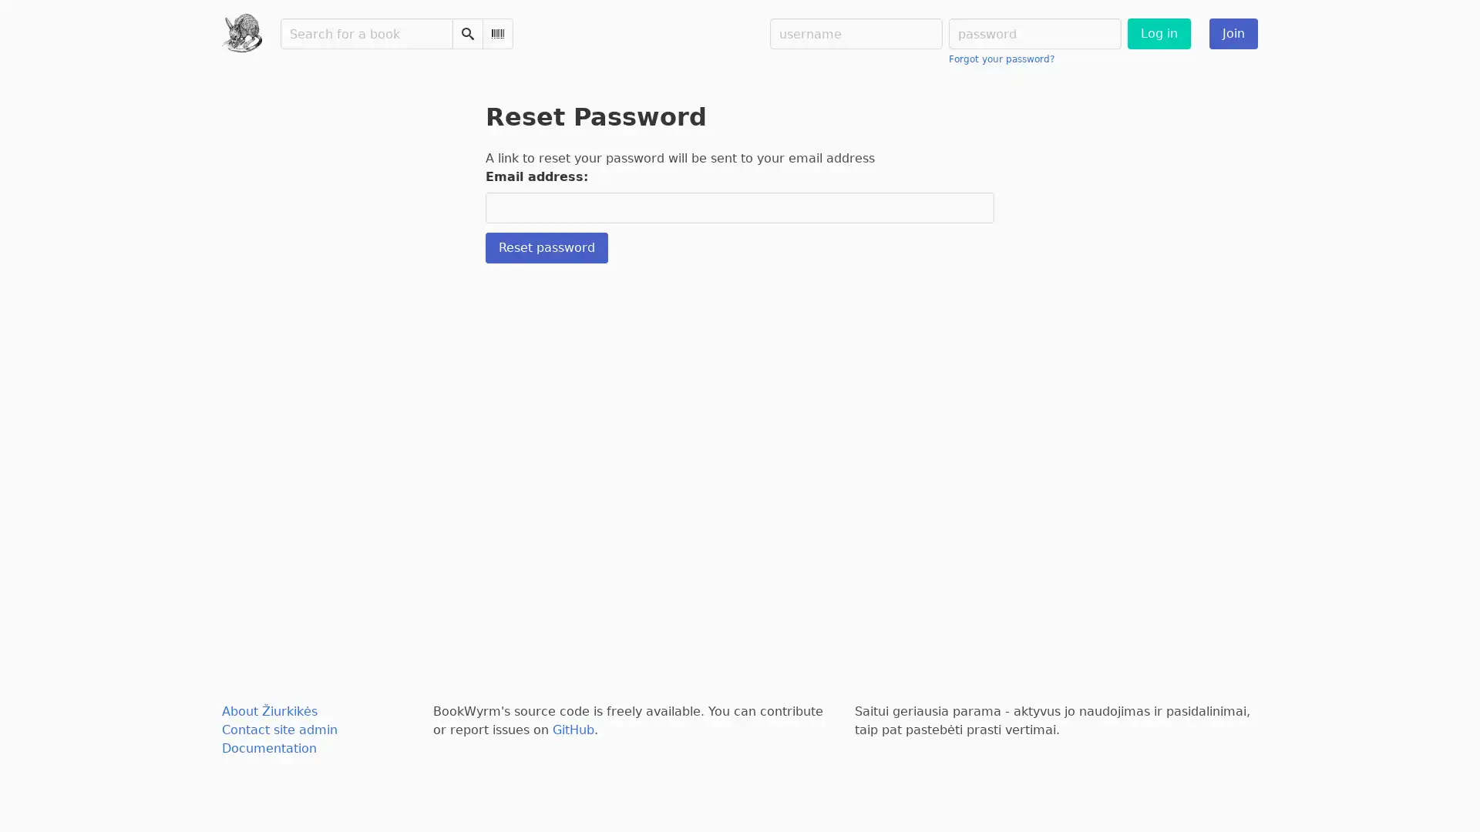 This screenshot has width=1480, height=832. What do you see at coordinates (547, 247) in the screenshot?
I see `Reset password` at bounding box center [547, 247].